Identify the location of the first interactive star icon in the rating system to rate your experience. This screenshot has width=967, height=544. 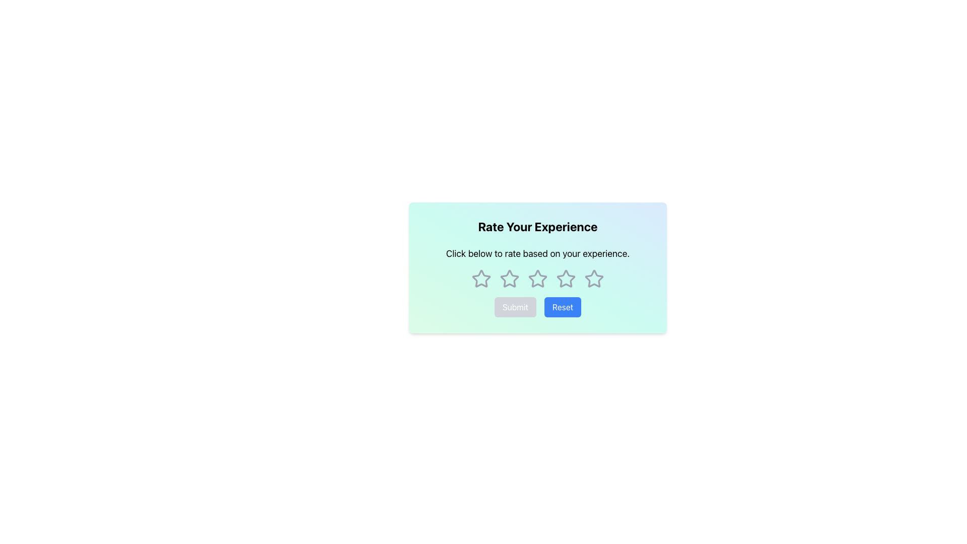
(480, 279).